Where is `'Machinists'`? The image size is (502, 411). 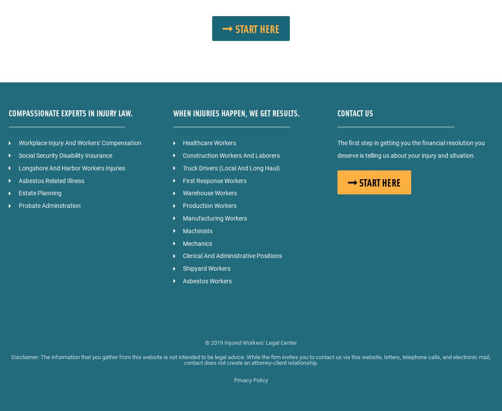 'Machinists' is located at coordinates (182, 231).